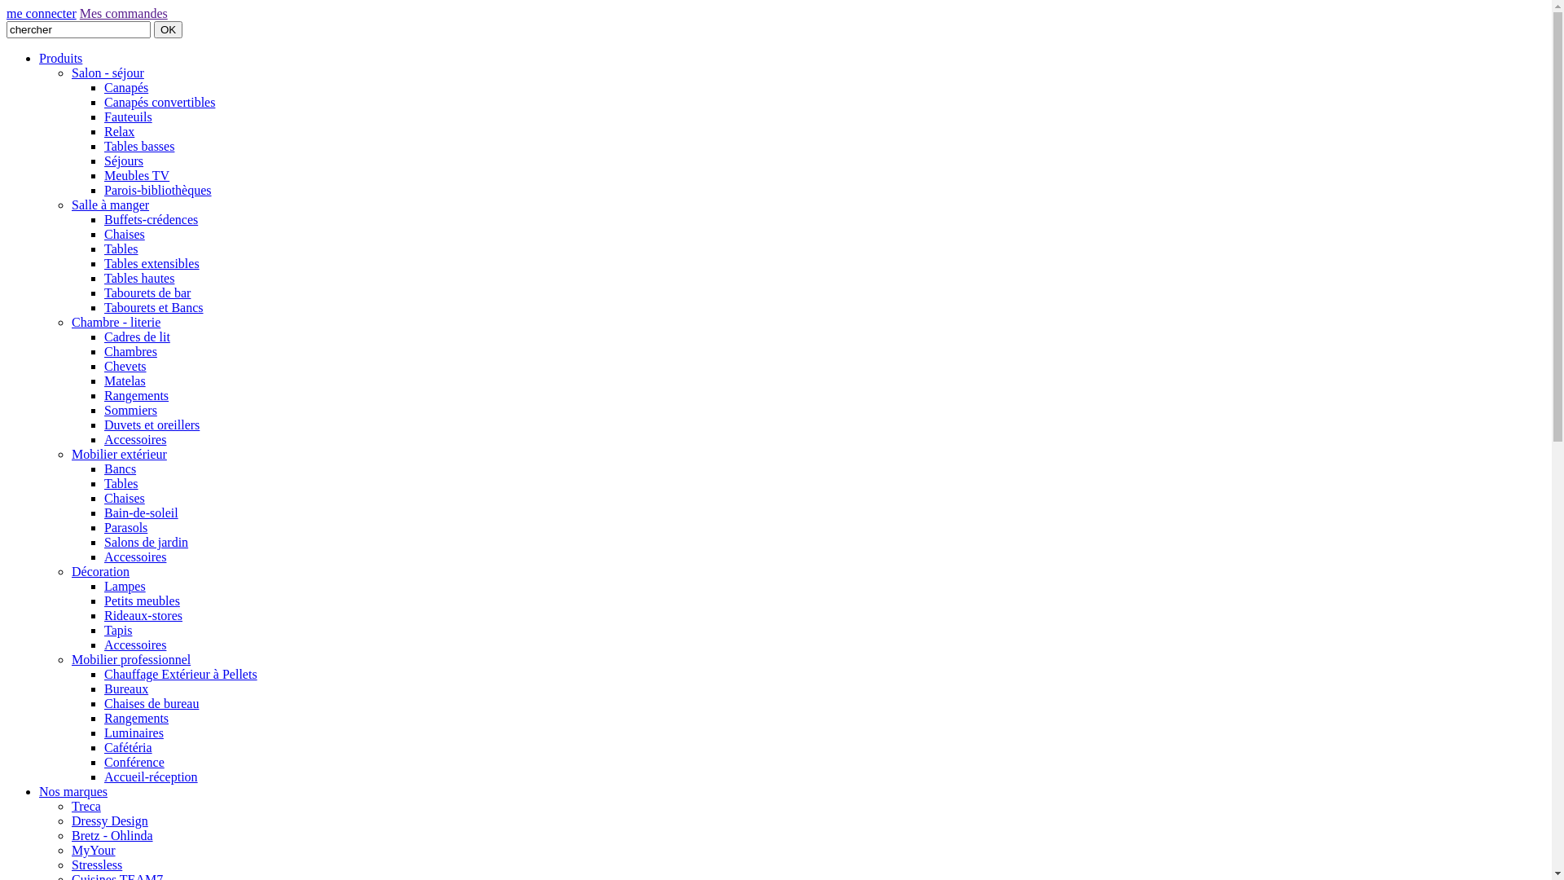 The height and width of the screenshot is (880, 1564). Describe the element at coordinates (103, 116) in the screenshot. I see `'Fauteuils'` at that location.